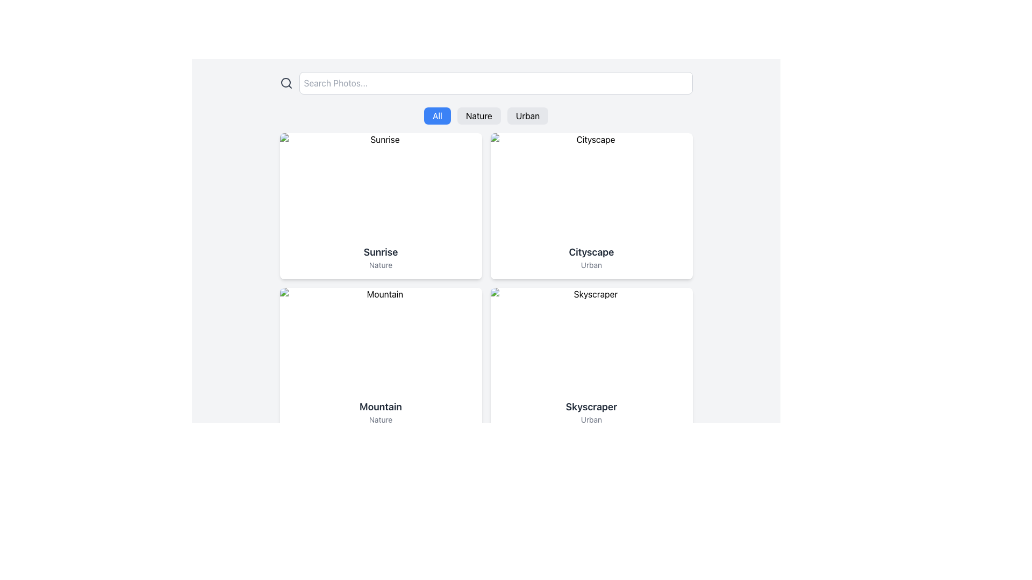 This screenshot has height=580, width=1032. What do you see at coordinates (381, 360) in the screenshot?
I see `the card component labeled 'Mountain' in the Nature category` at bounding box center [381, 360].